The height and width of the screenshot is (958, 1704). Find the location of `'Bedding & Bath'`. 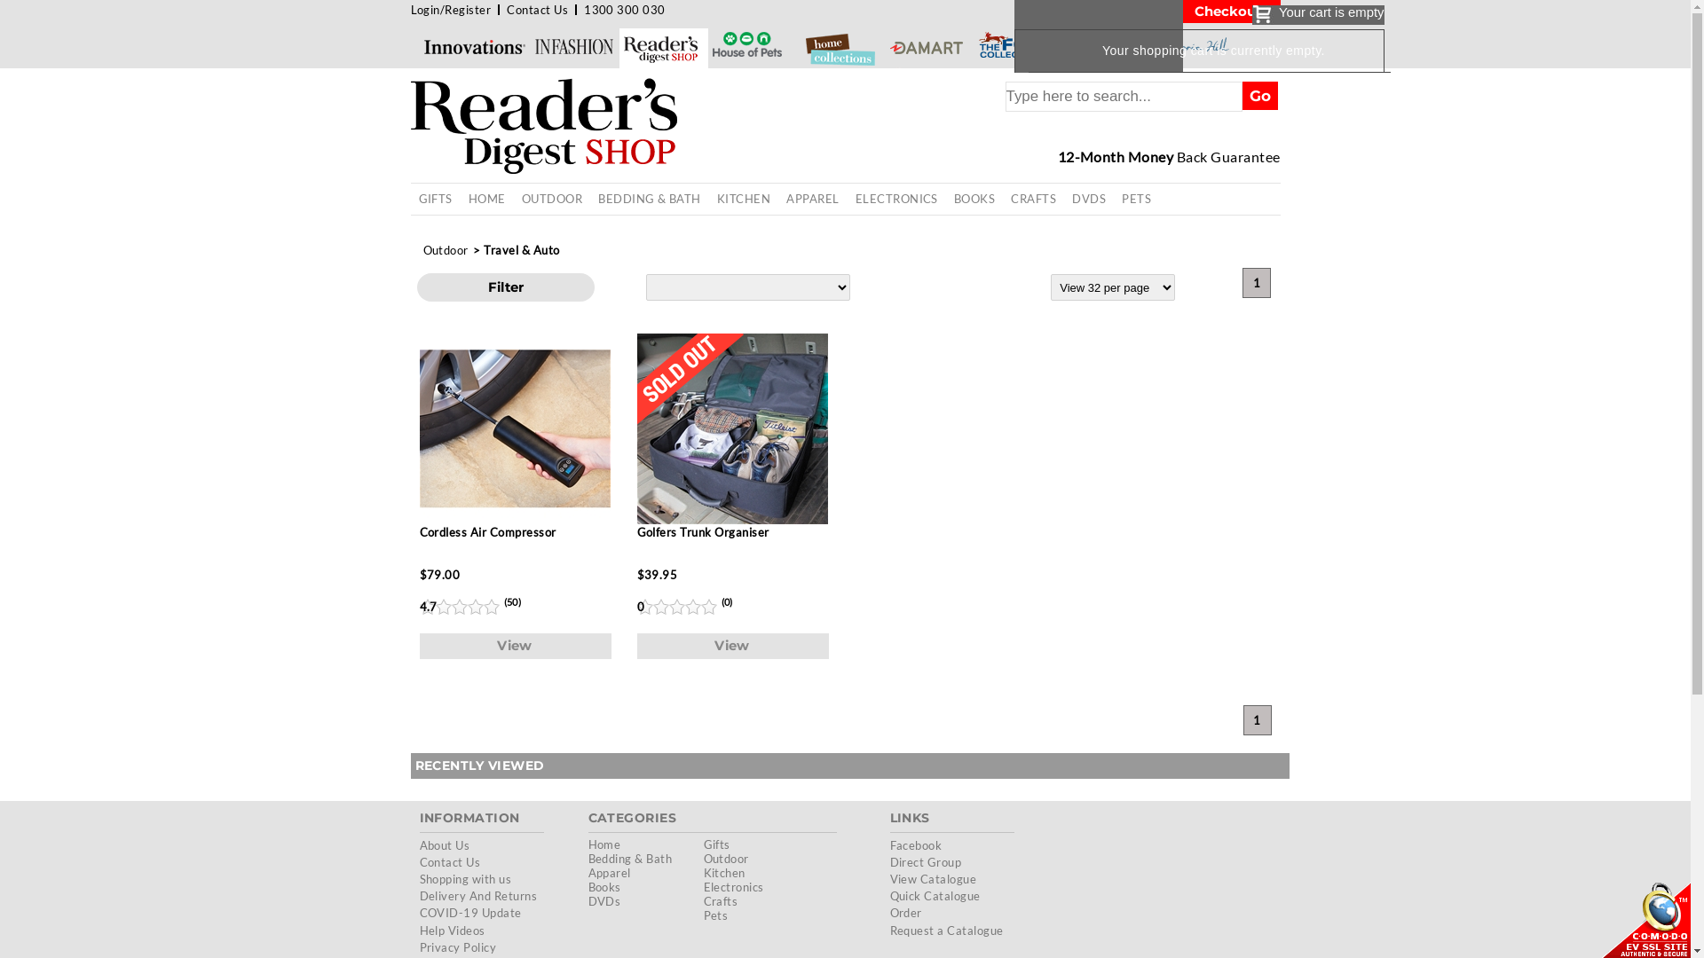

'Bedding & Bath' is located at coordinates (588, 858).